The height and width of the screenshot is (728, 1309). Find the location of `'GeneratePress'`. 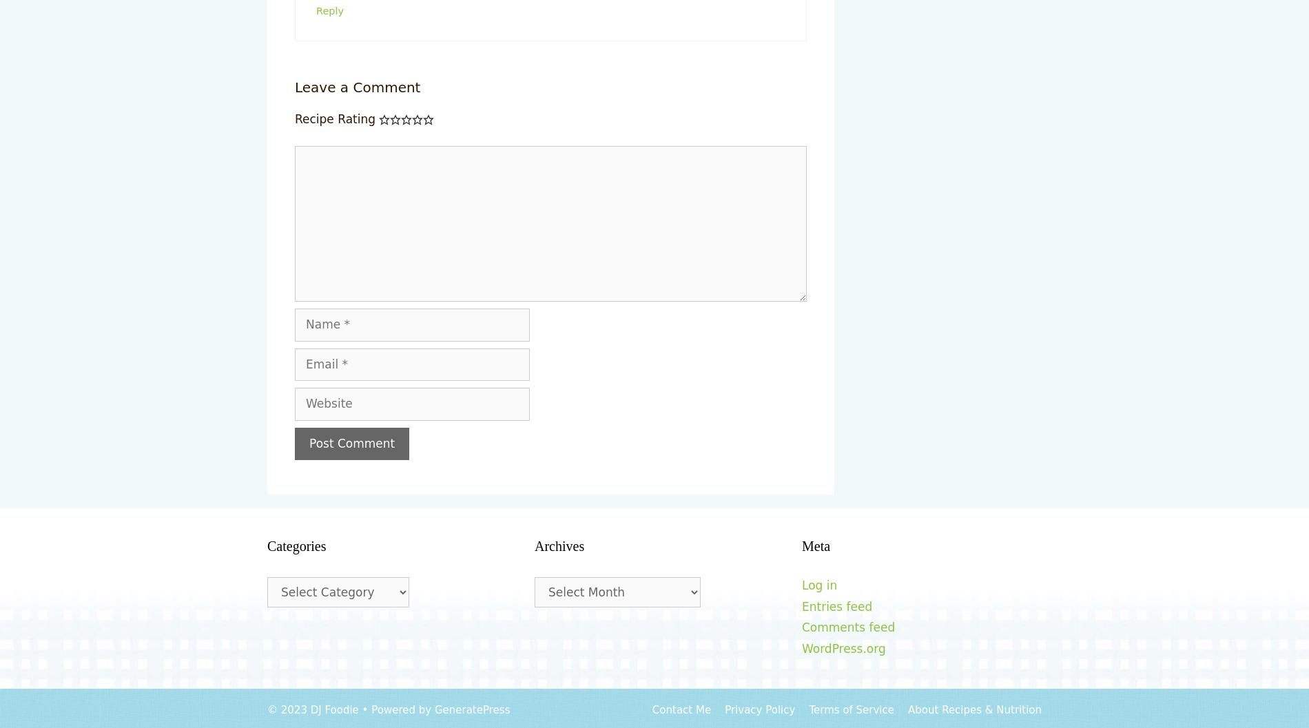

'GeneratePress' is located at coordinates (471, 709).